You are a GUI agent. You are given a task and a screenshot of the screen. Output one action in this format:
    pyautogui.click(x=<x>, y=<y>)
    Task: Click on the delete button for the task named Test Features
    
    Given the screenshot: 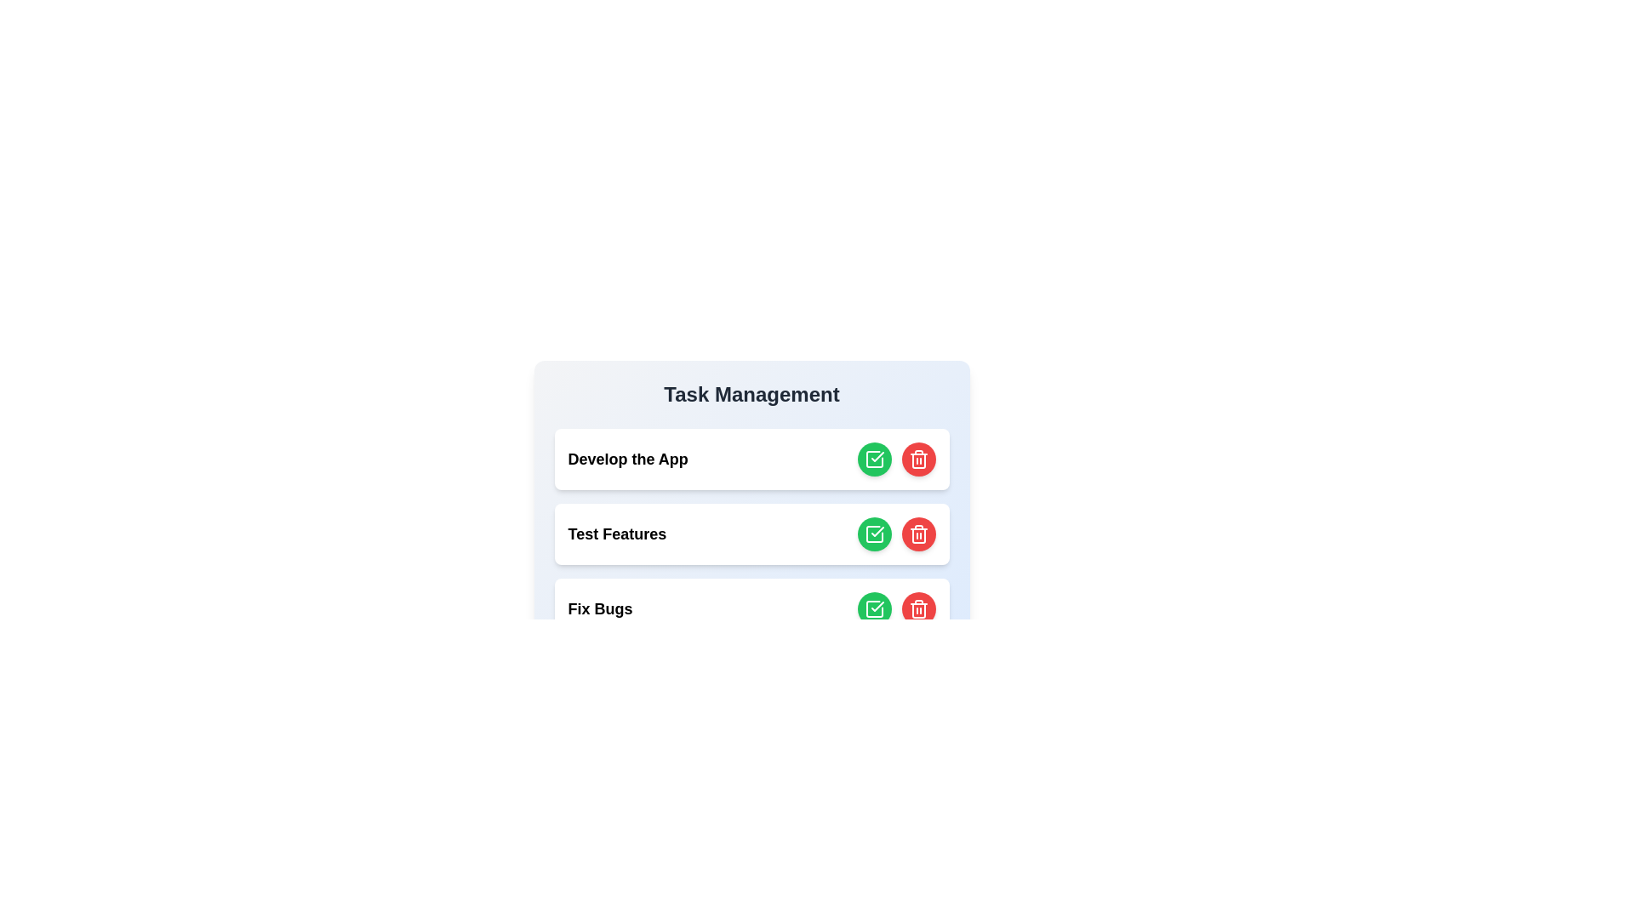 What is the action you would take?
    pyautogui.click(x=917, y=534)
    